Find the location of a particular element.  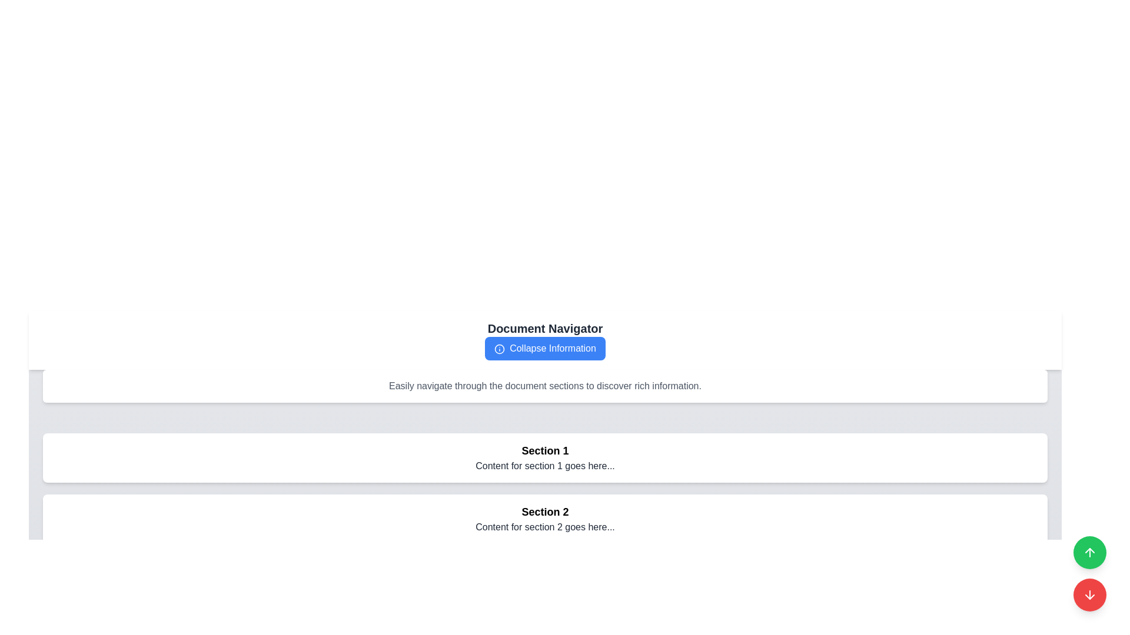

the circular green button with a white upward arrow icon is located at coordinates (1089, 553).